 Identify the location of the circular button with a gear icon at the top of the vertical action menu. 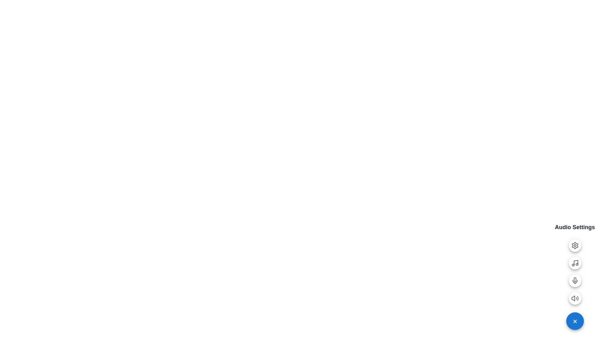
(575, 245).